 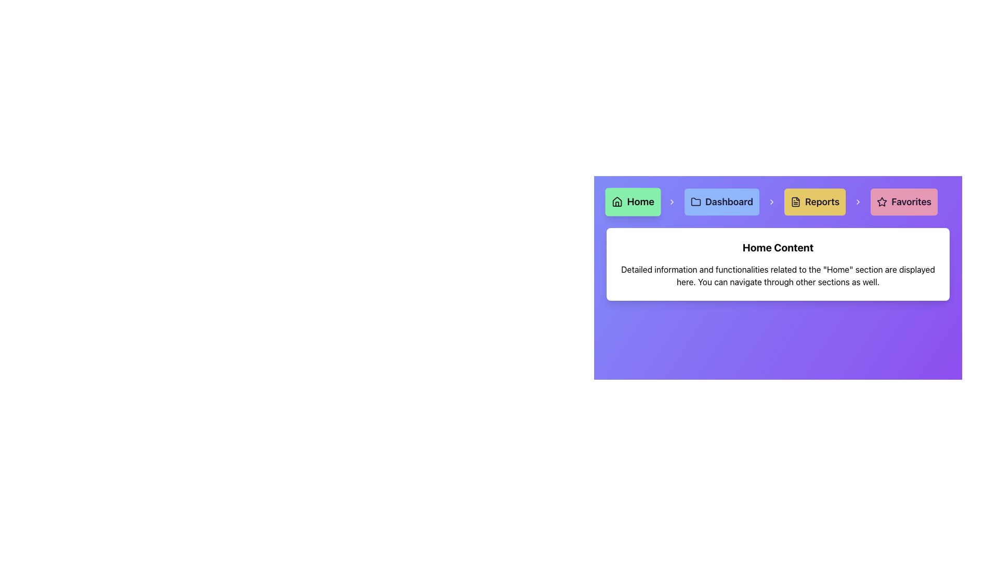 What do you see at coordinates (815, 202) in the screenshot?
I see `the 'Reports' button, which is a rectangular button with rounded corners, yellow background, and bold black text, located between the 'Dashboard' and 'Favorites' buttons in the navigation bar` at bounding box center [815, 202].